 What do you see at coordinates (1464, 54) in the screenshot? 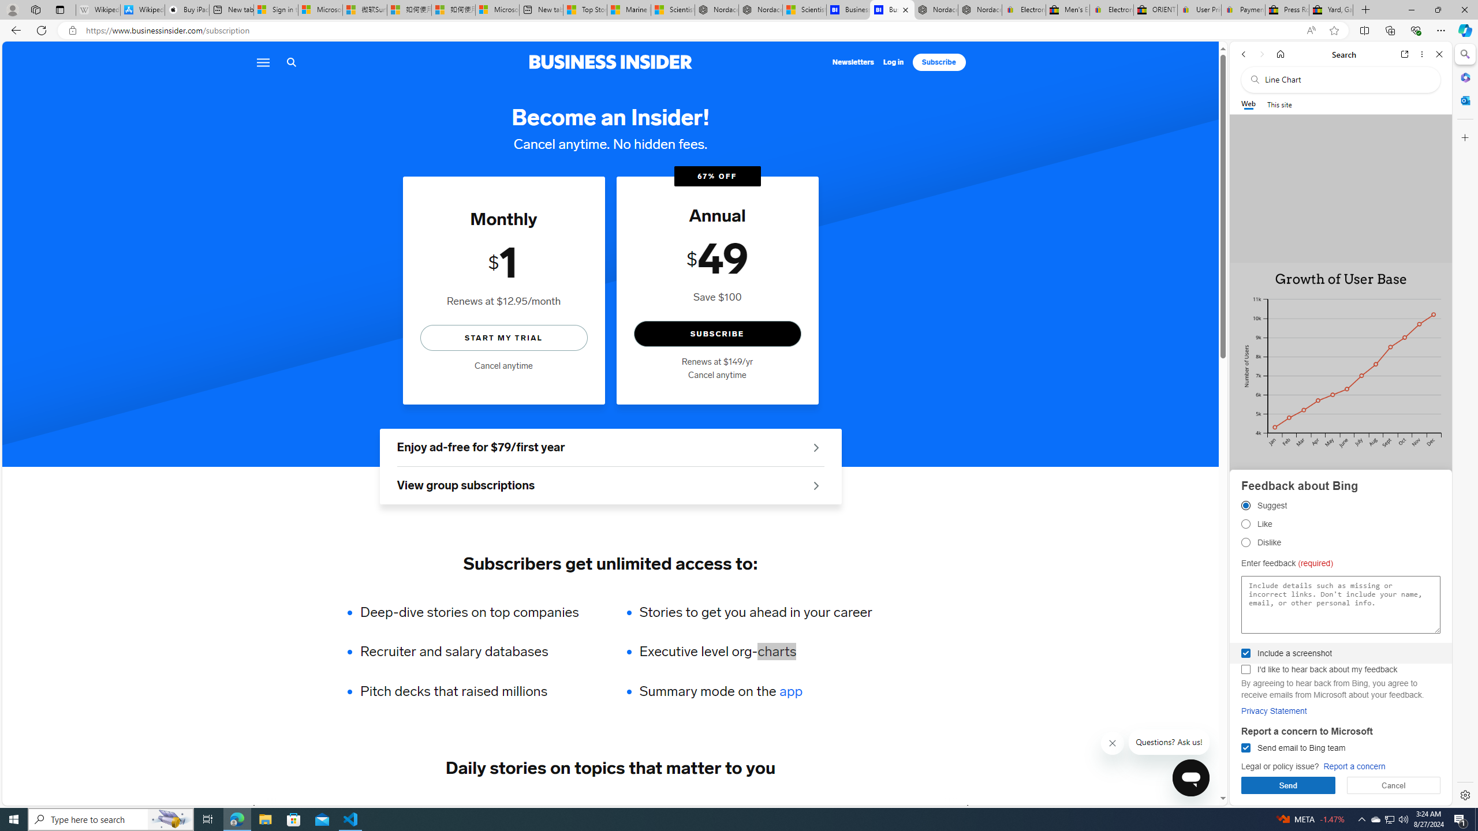
I see `'Minimize Search pane'` at bounding box center [1464, 54].